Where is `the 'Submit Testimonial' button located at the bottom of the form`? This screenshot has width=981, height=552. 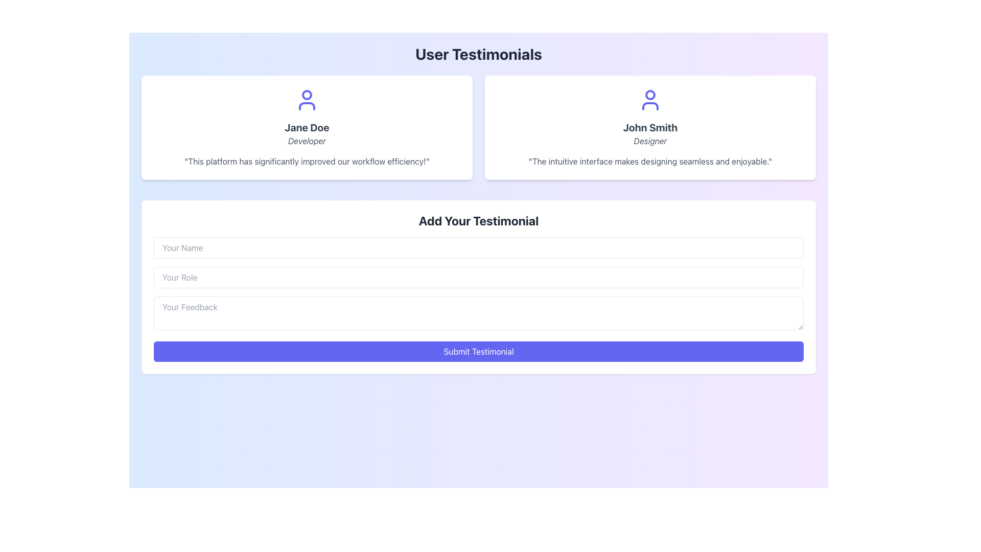 the 'Submit Testimonial' button located at the bottom of the form is located at coordinates (478, 351).